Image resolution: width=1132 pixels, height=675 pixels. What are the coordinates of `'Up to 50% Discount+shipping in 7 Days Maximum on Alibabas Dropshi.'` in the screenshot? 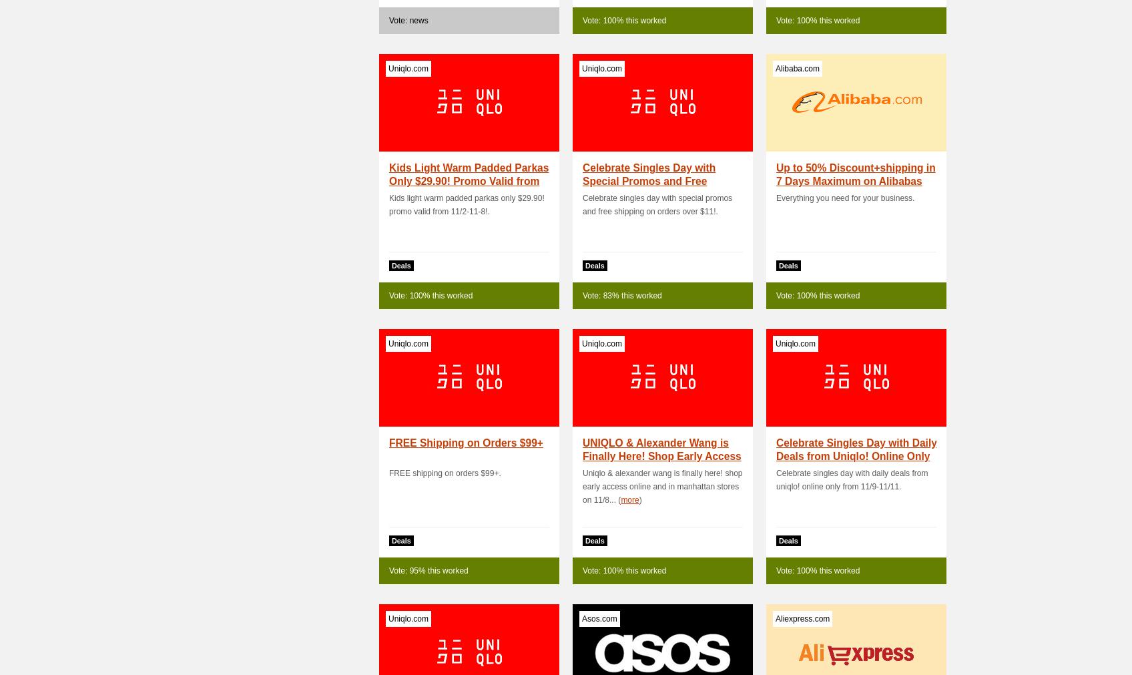 It's located at (856, 181).